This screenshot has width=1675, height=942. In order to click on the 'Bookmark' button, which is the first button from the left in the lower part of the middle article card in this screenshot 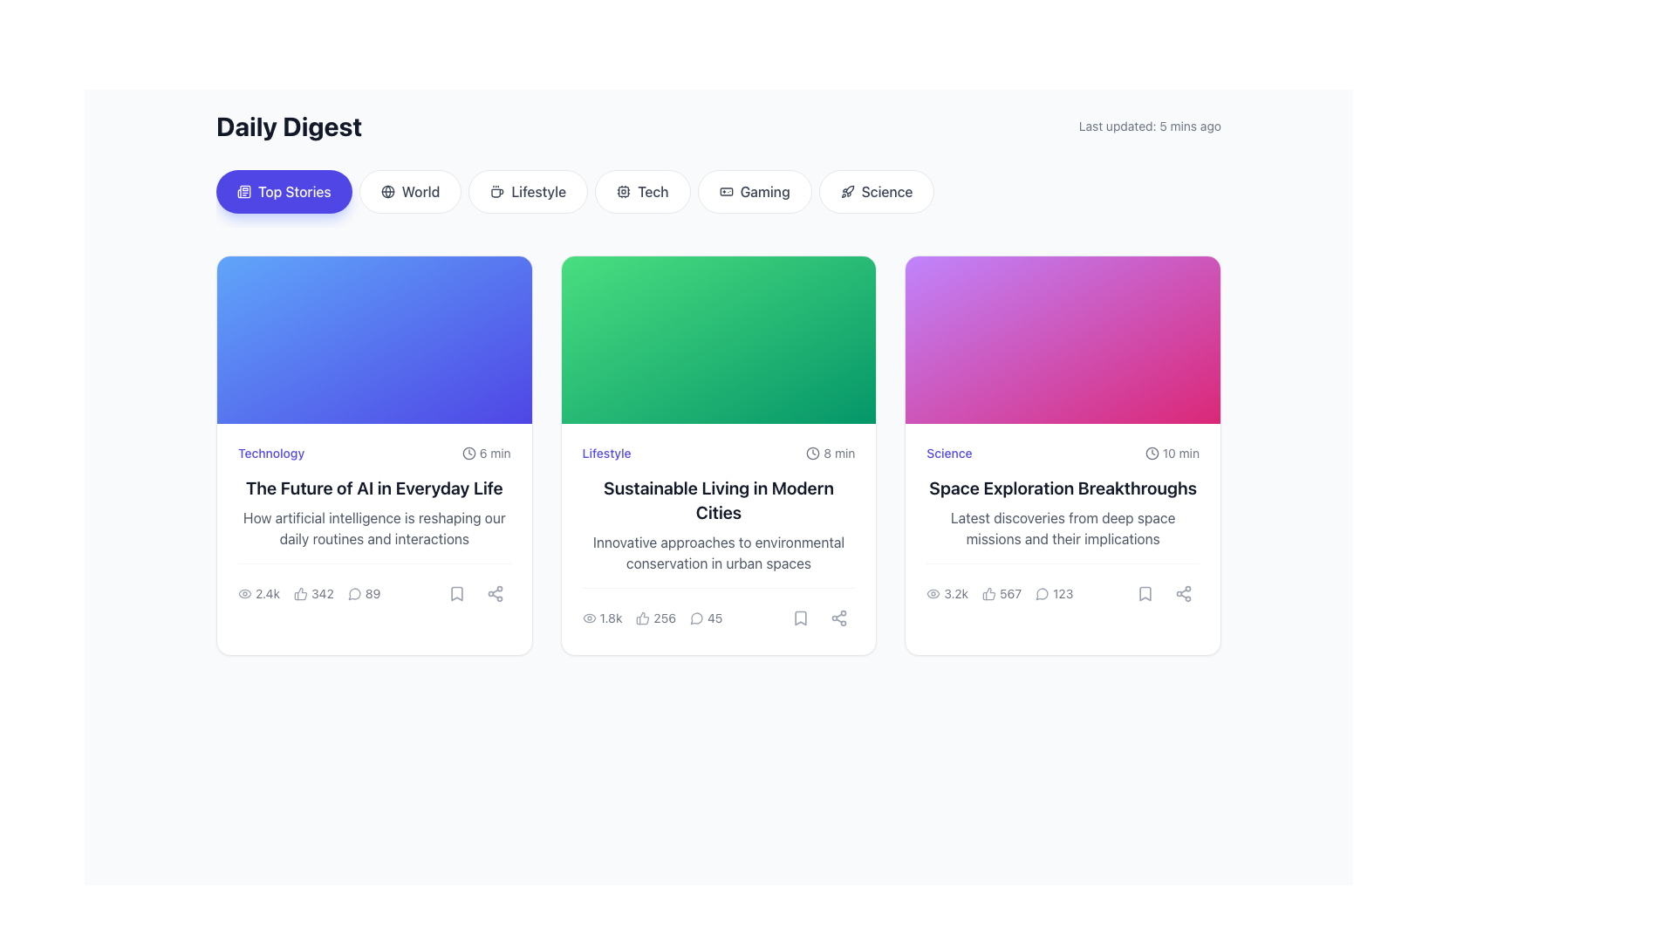, I will do `click(800, 618)`.